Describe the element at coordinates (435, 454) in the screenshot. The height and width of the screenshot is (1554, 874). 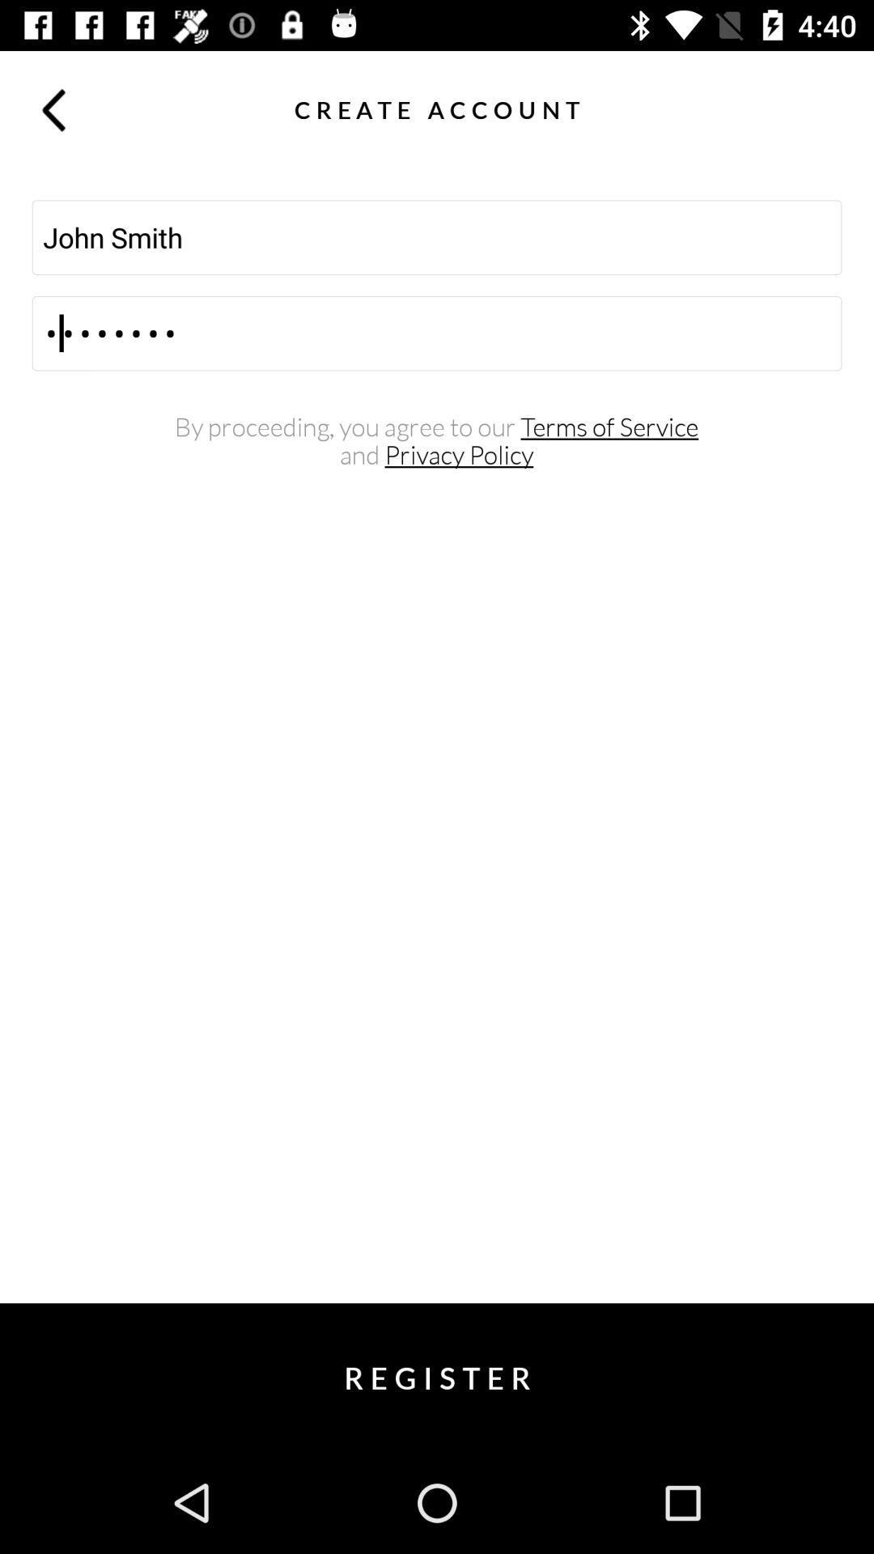
I see `the and privacy policy` at that location.